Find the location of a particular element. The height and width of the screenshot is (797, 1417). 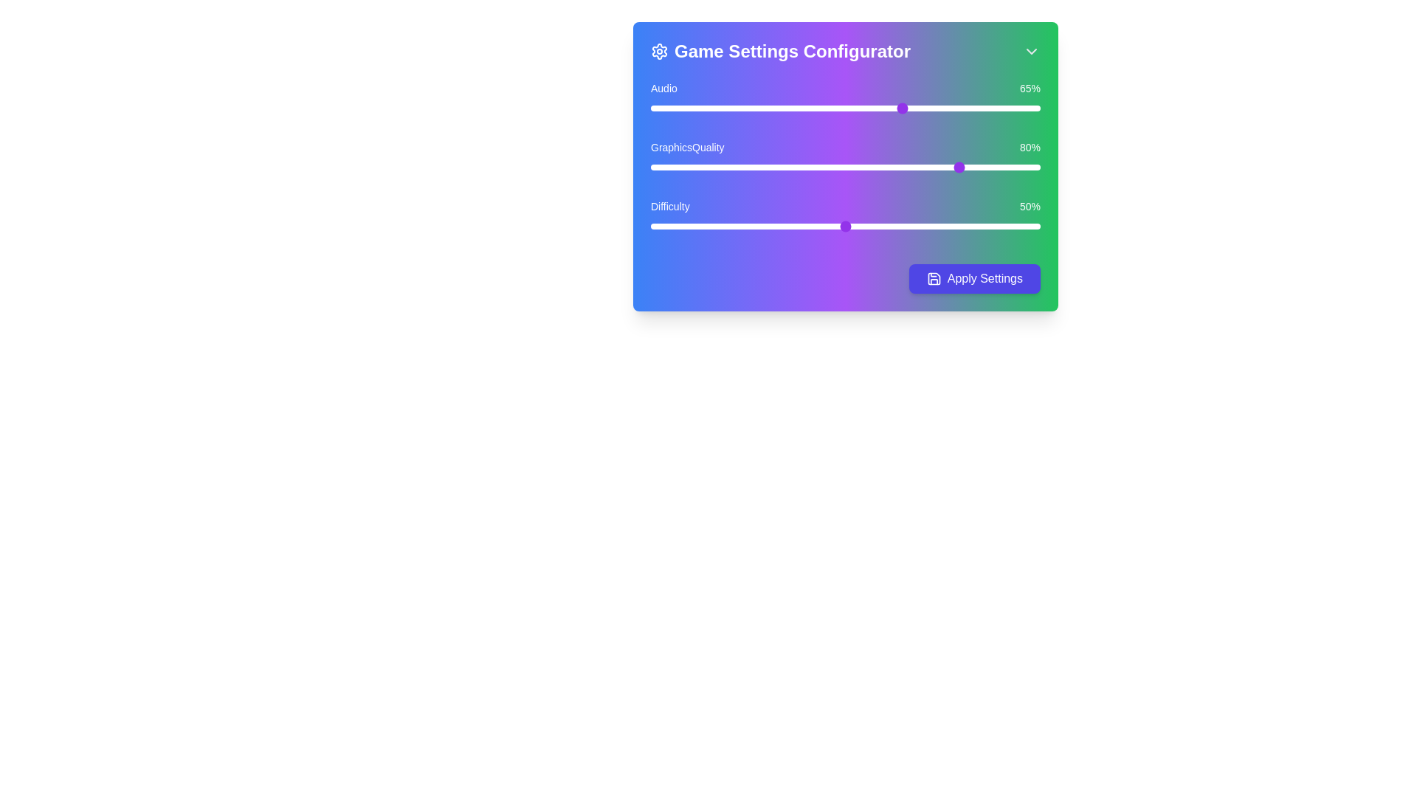

the audio slider is located at coordinates (895, 107).